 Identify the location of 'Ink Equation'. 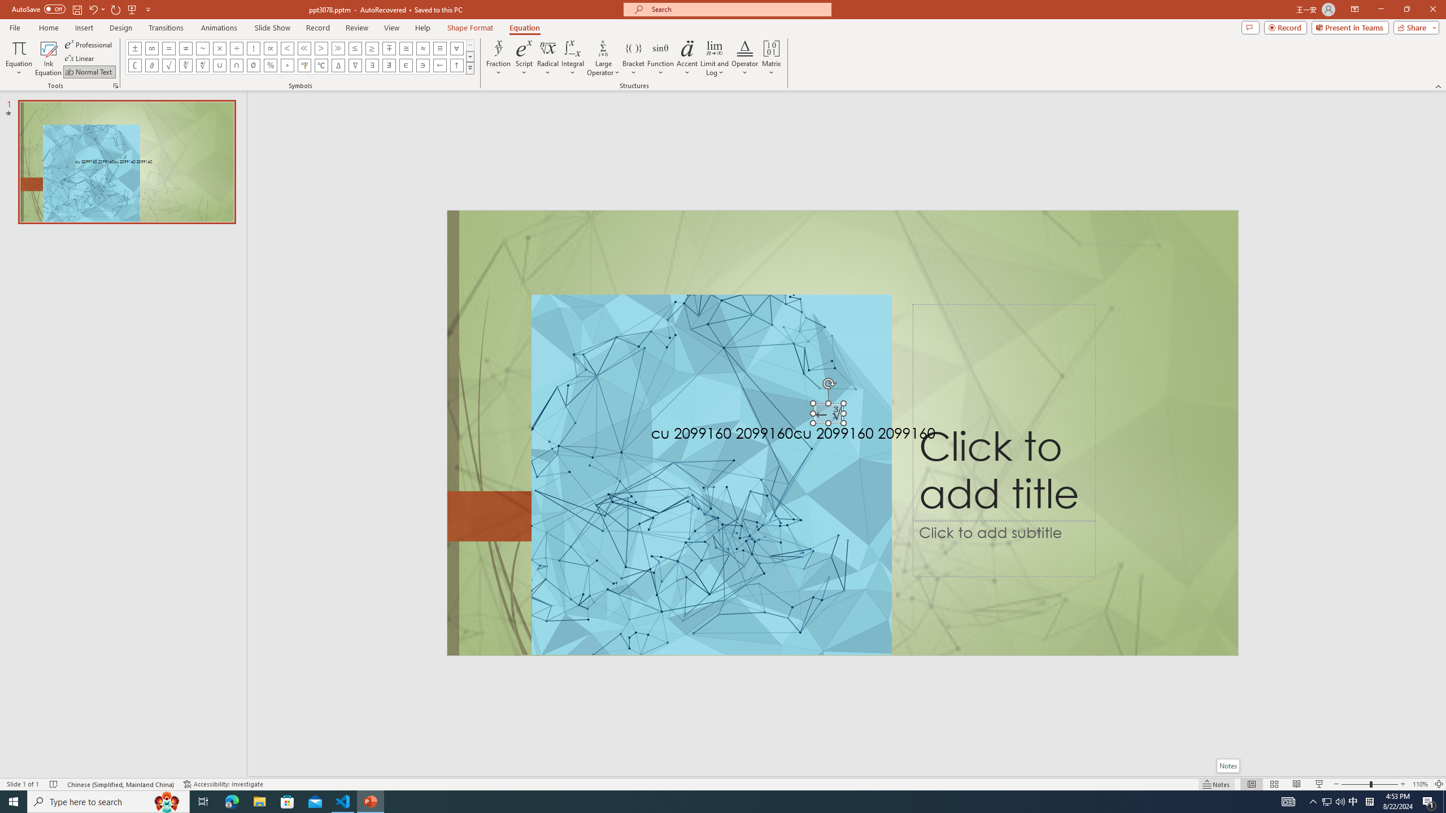
(48, 58).